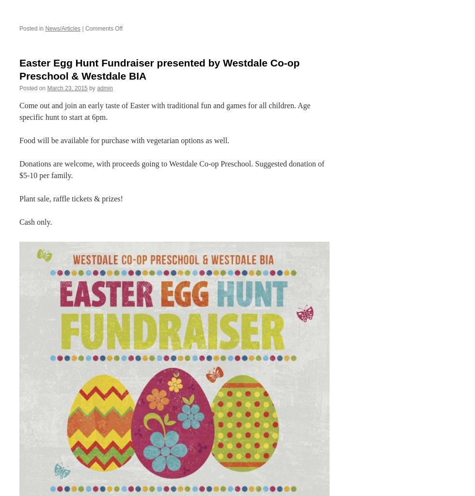  What do you see at coordinates (32, 88) in the screenshot?
I see `'Posted on'` at bounding box center [32, 88].